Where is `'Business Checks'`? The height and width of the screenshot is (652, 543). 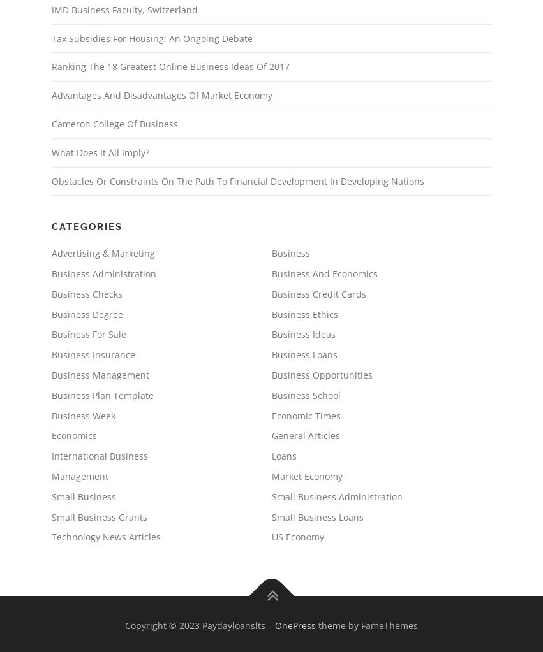 'Business Checks' is located at coordinates (86, 293).